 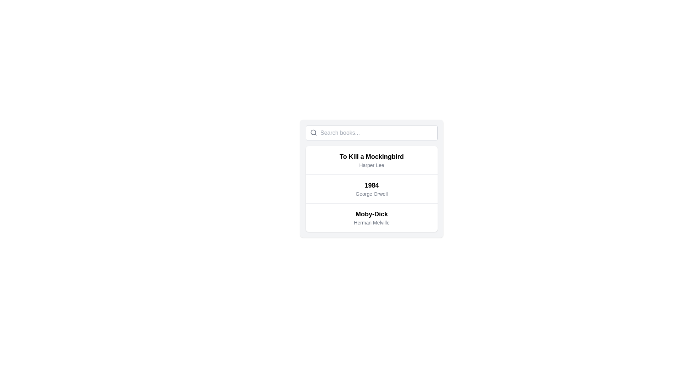 I want to click on the first book list item displaying the title and author's name, so click(x=371, y=160).